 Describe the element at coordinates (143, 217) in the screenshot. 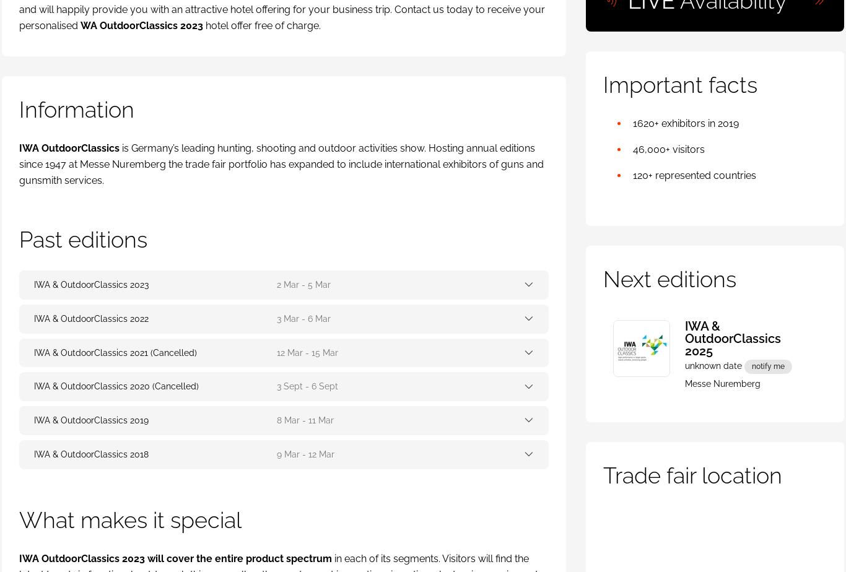

I see `'Free interactive hotel offer'` at that location.